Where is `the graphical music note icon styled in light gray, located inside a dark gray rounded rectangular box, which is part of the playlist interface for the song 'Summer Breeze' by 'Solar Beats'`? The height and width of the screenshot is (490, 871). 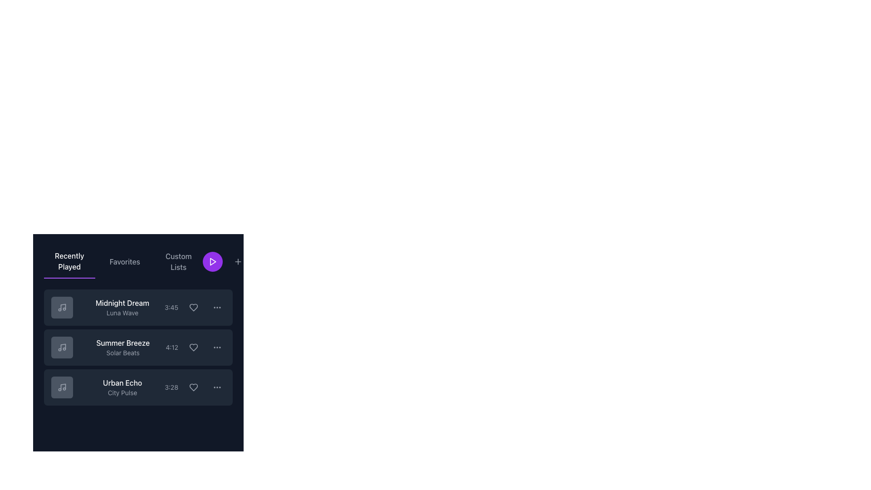
the graphical music note icon styled in light gray, located inside a dark gray rounded rectangular box, which is part of the playlist interface for the song 'Summer Breeze' by 'Solar Beats' is located at coordinates (62, 347).